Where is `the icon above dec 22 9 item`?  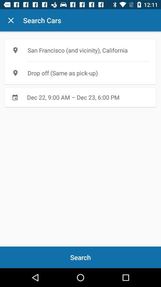
the icon above dec 22 9 item is located at coordinates (80, 73).